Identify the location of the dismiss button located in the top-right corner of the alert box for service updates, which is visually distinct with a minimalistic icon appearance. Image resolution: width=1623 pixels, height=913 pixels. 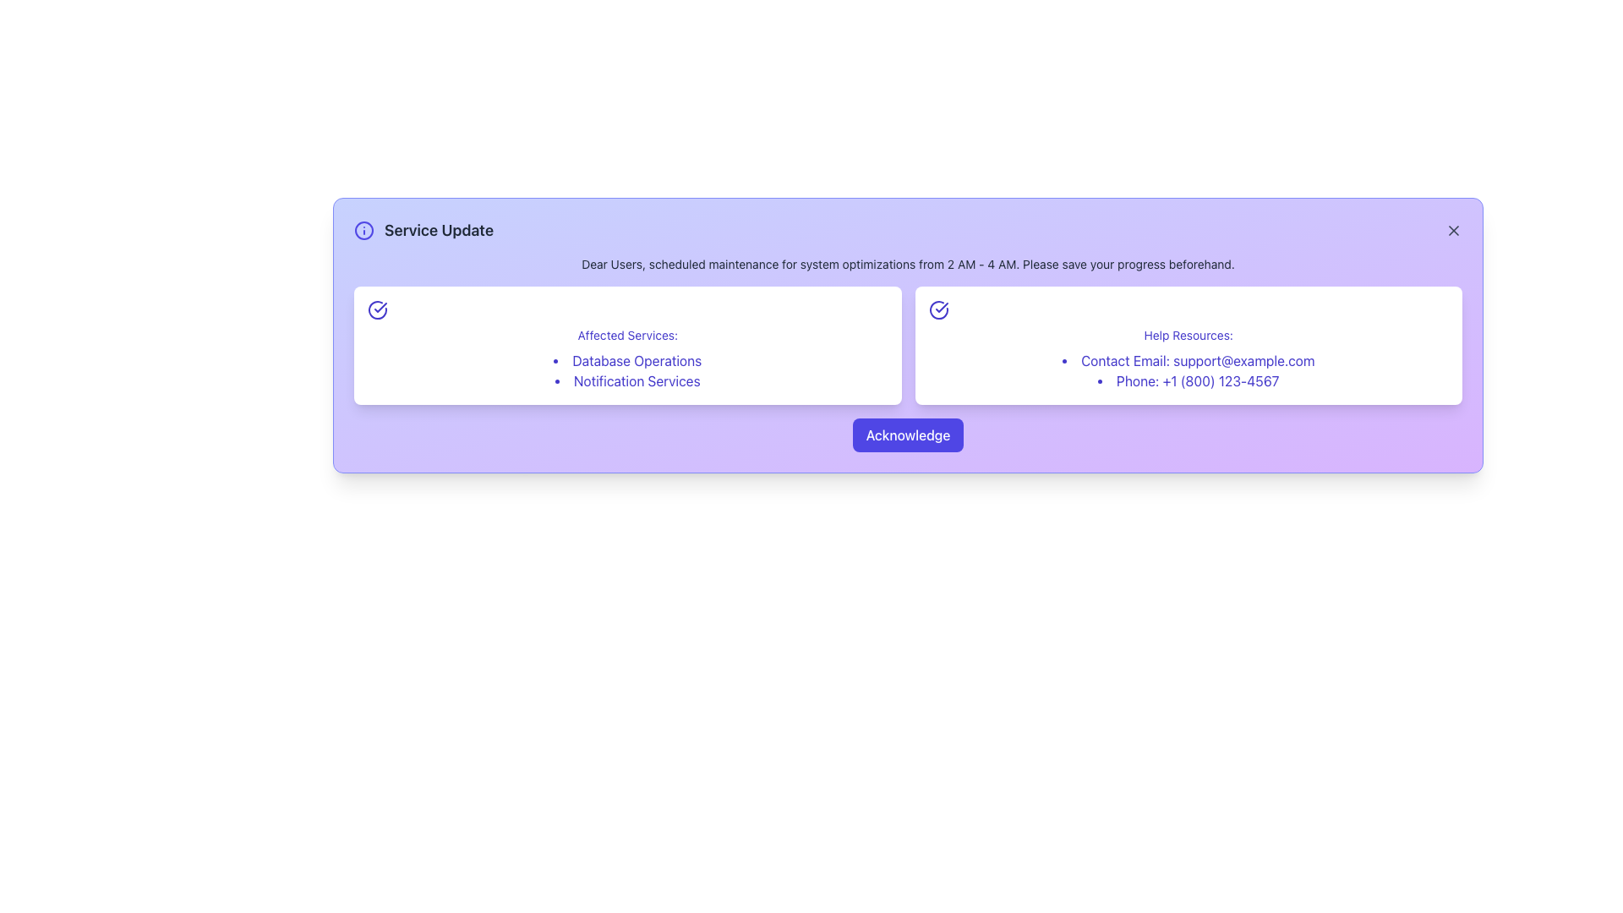
(1452, 231).